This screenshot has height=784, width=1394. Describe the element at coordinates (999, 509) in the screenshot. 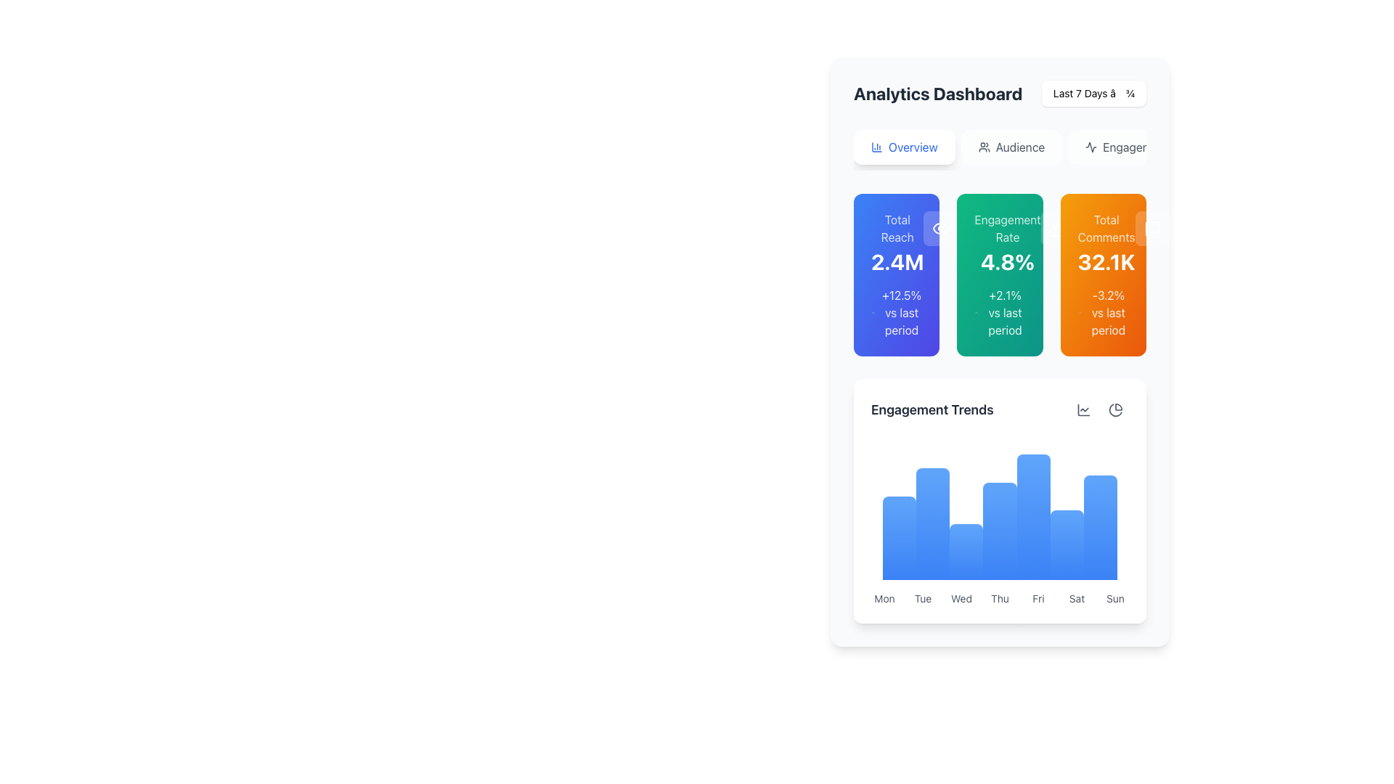

I see `the Bar chart component in the 'Engagement Trends' section` at that location.